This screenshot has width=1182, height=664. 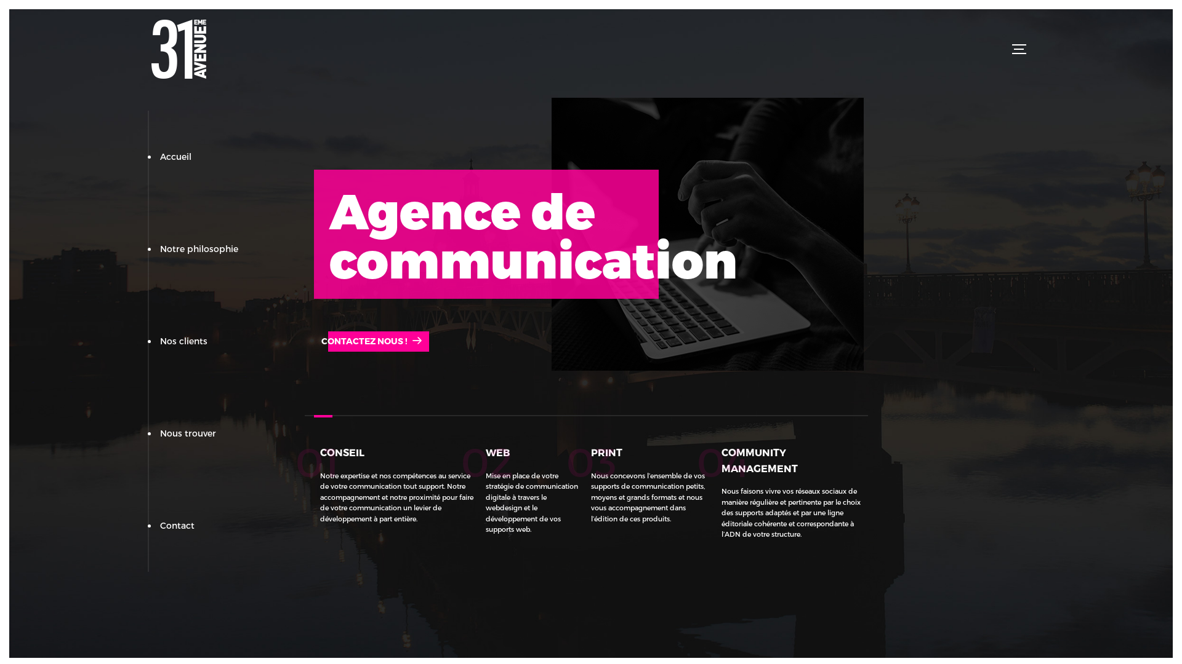 What do you see at coordinates (175, 156) in the screenshot?
I see `'Accueil'` at bounding box center [175, 156].